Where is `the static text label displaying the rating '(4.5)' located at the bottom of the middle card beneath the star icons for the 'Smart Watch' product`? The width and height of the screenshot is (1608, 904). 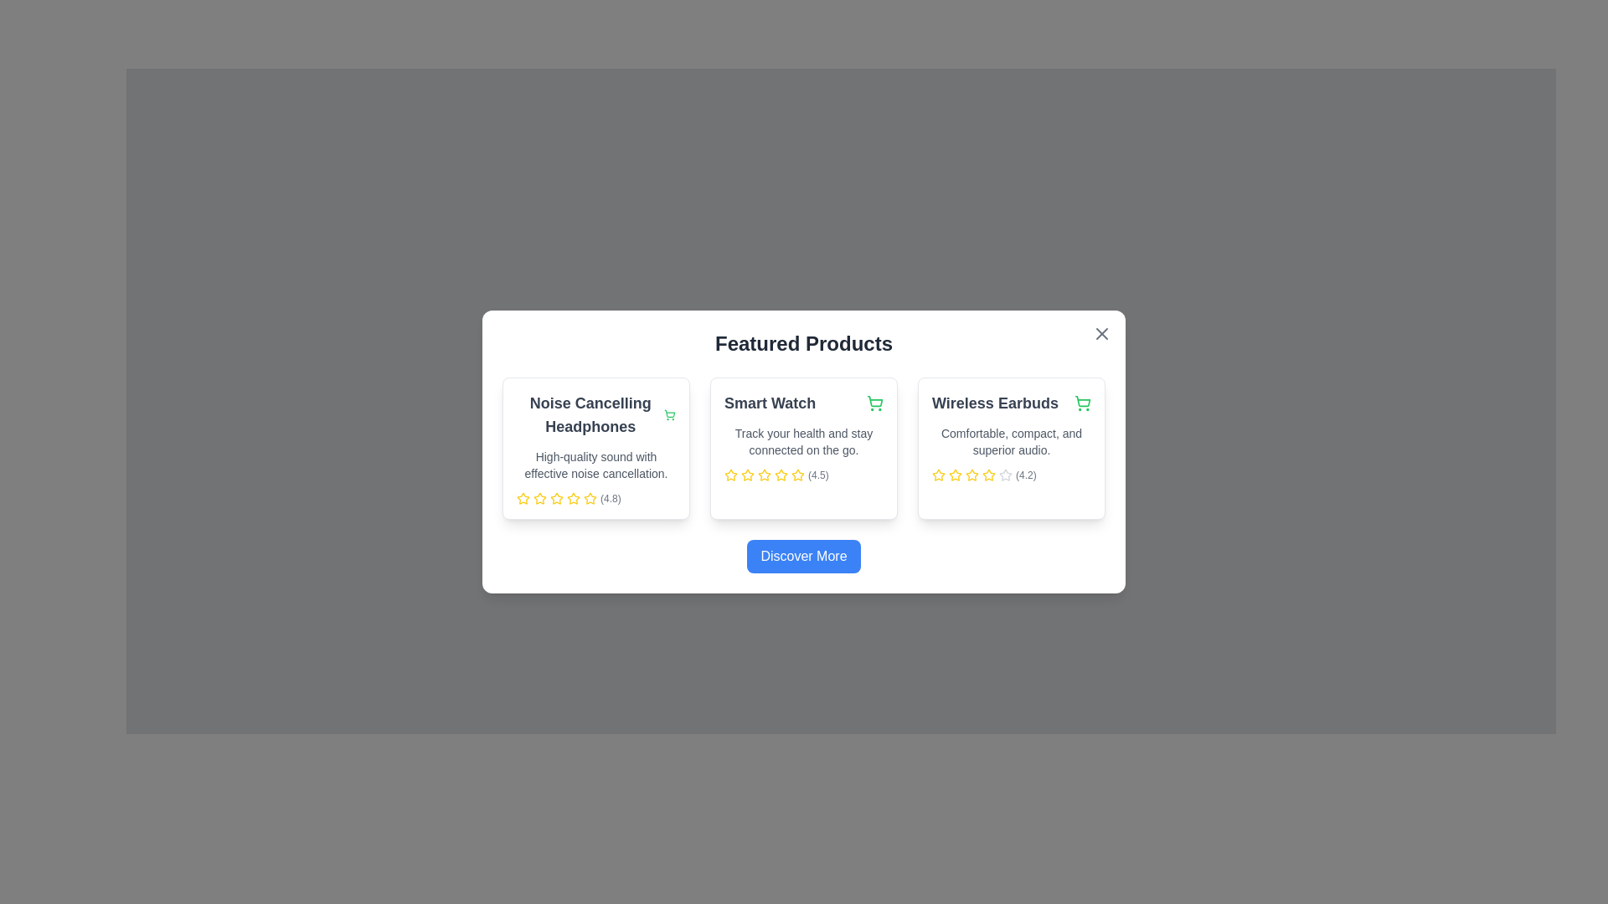
the static text label displaying the rating '(4.5)' located at the bottom of the middle card beneath the star icons for the 'Smart Watch' product is located at coordinates (818, 475).